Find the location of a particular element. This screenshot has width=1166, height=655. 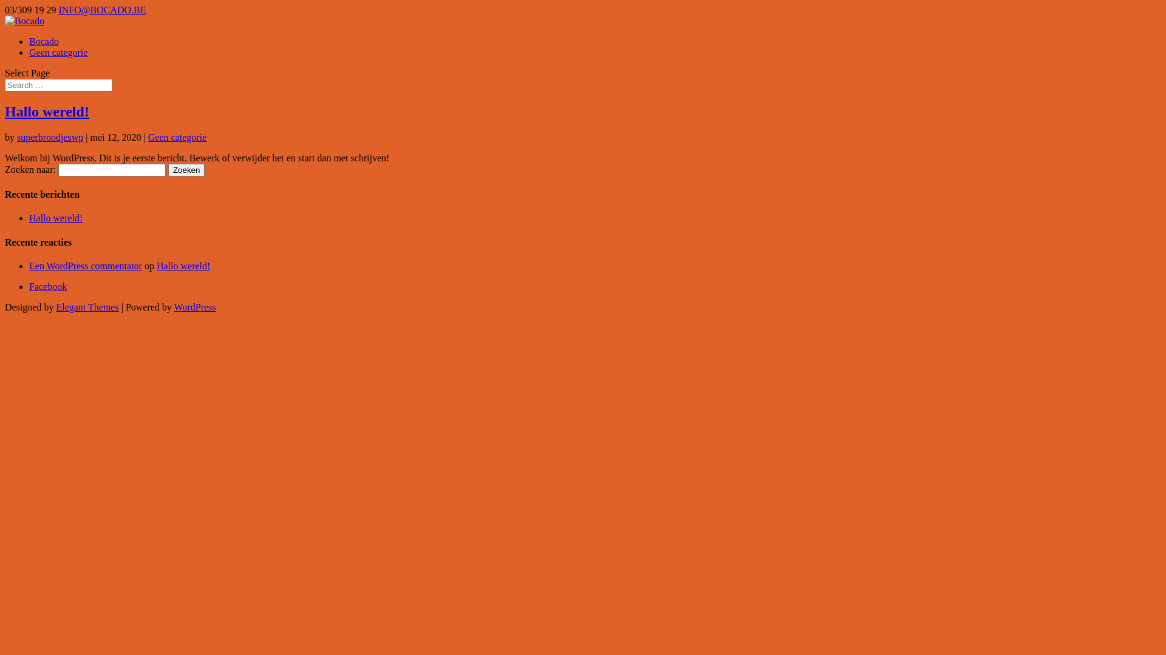

'Een WordPress commentator' is located at coordinates (84, 265).